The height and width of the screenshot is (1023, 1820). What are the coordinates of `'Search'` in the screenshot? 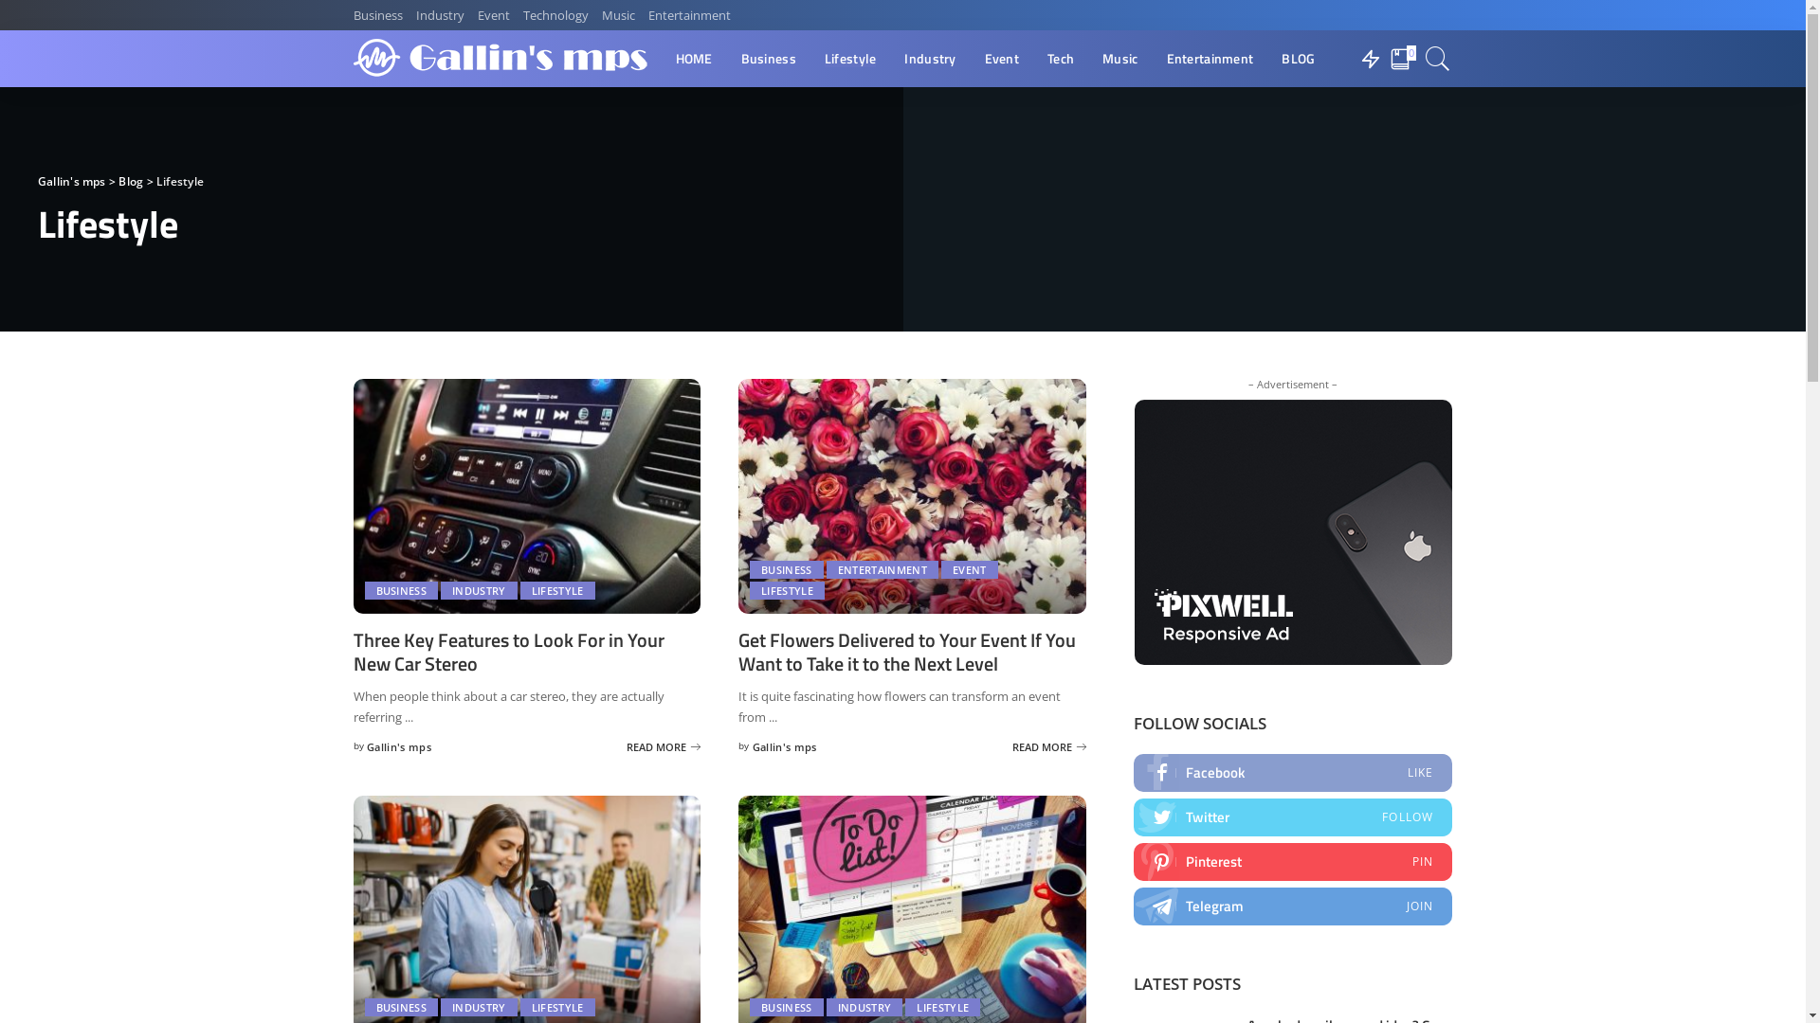 It's located at (1437, 57).